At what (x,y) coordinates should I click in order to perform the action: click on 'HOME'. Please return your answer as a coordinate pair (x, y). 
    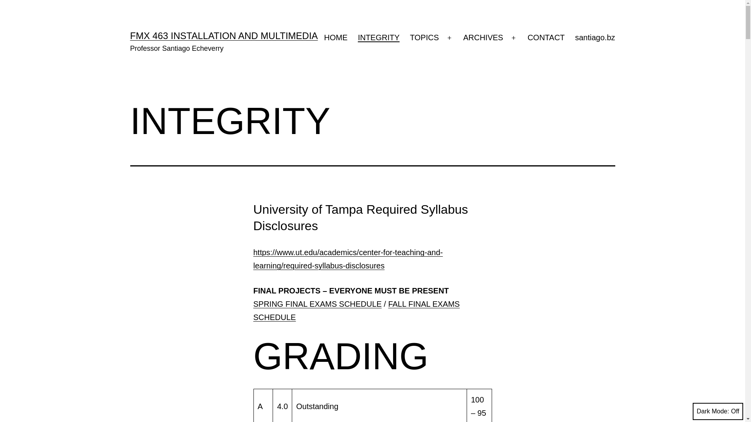
    Looking at the image, I should click on (336, 38).